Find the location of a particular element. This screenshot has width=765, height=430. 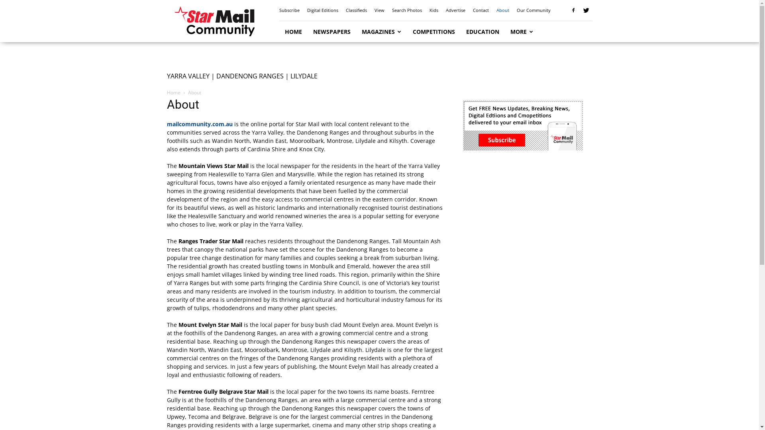

'Contact' is located at coordinates (480, 10).